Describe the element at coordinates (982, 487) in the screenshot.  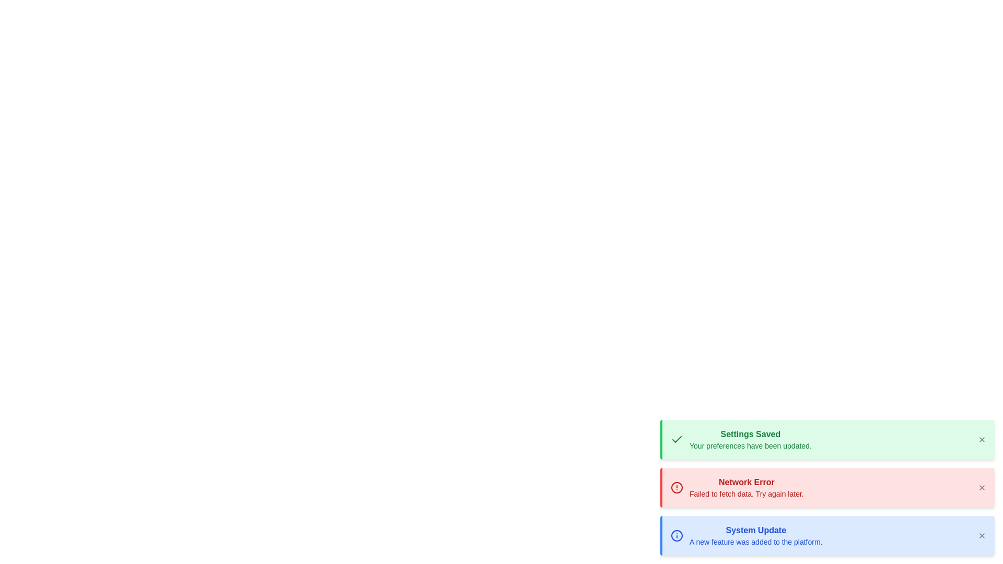
I see `the dismiss button located in the top-right corner of the red-colored notification card titled 'Network Error'` at that location.